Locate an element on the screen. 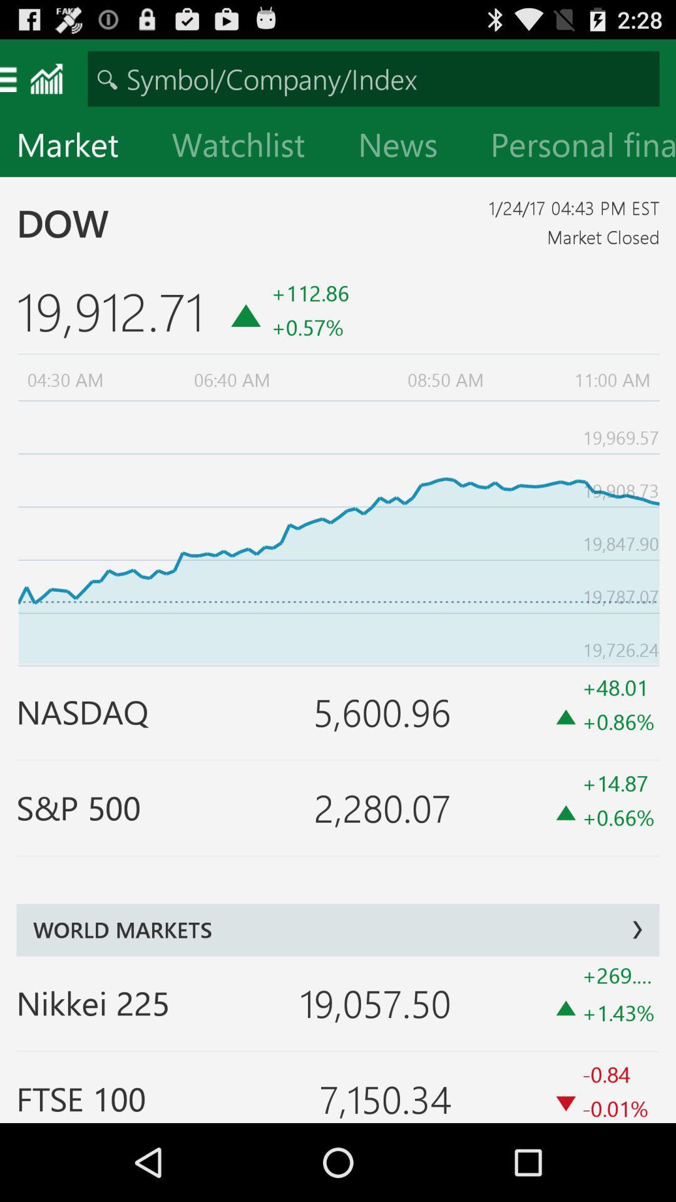  the item above +112.86 is located at coordinates (407, 147).